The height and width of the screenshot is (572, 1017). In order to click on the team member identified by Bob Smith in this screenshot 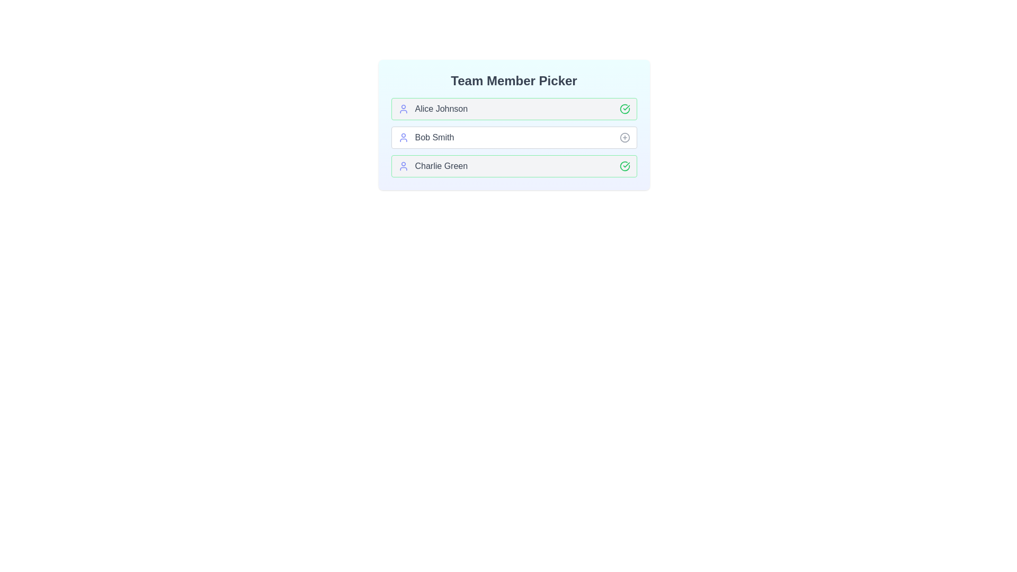, I will do `click(625, 137)`.